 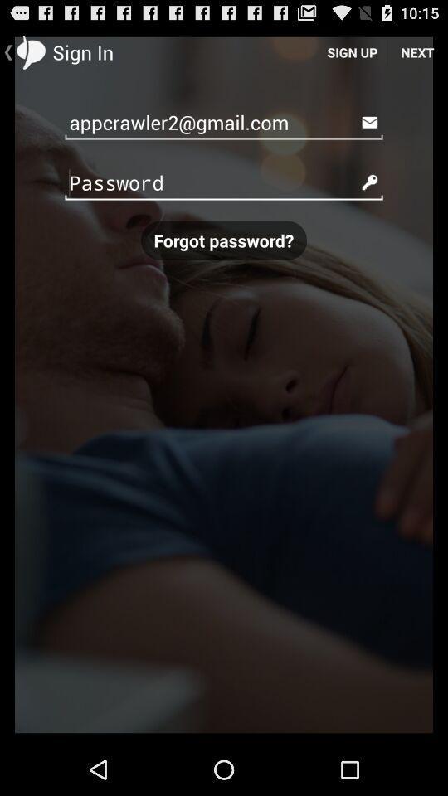 What do you see at coordinates (351, 51) in the screenshot?
I see `the sign up` at bounding box center [351, 51].